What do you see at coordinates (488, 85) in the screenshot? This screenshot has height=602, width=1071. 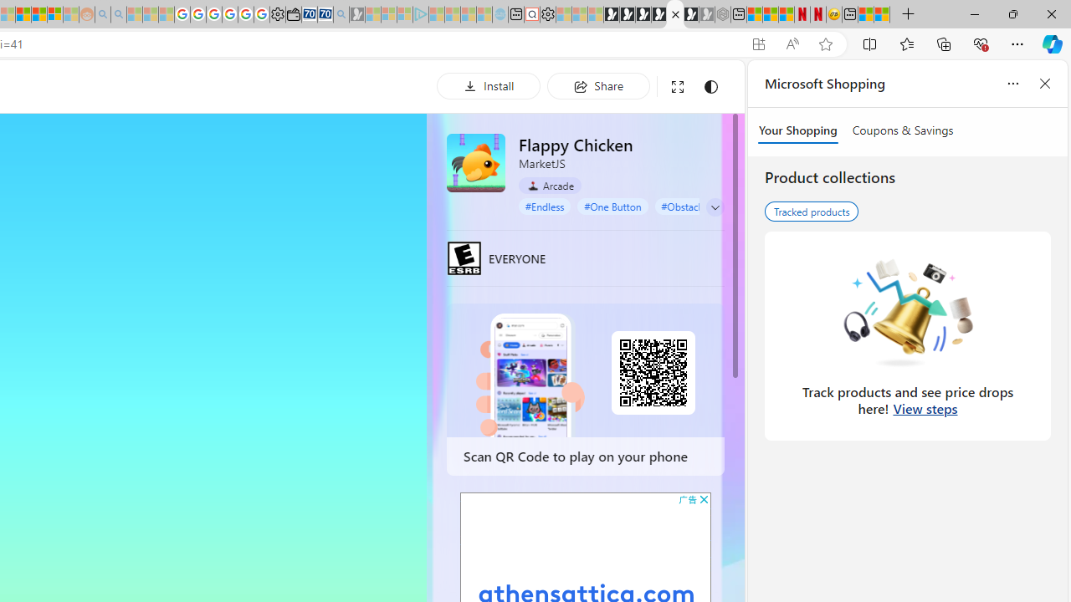 I see `'Install'` at bounding box center [488, 85].